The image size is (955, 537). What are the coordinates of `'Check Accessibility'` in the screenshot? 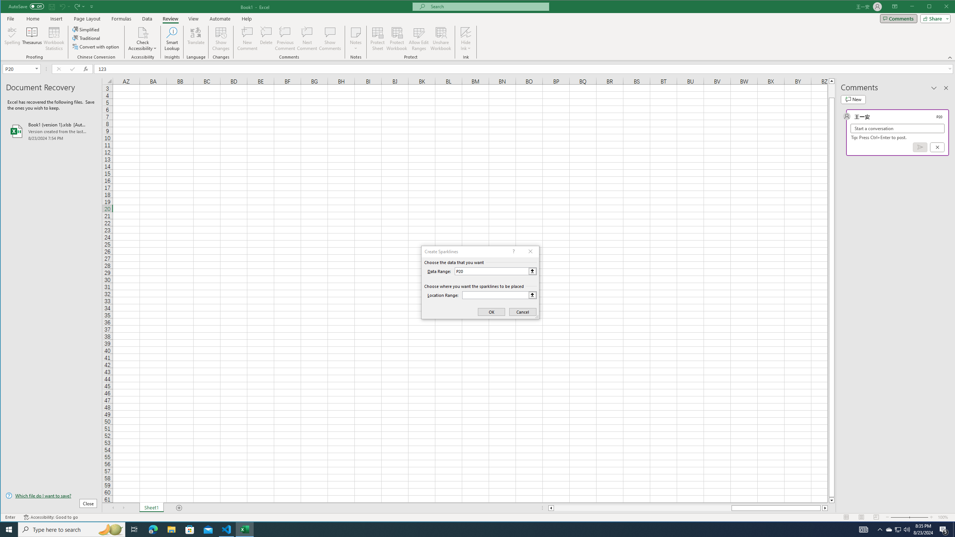 It's located at (143, 38).